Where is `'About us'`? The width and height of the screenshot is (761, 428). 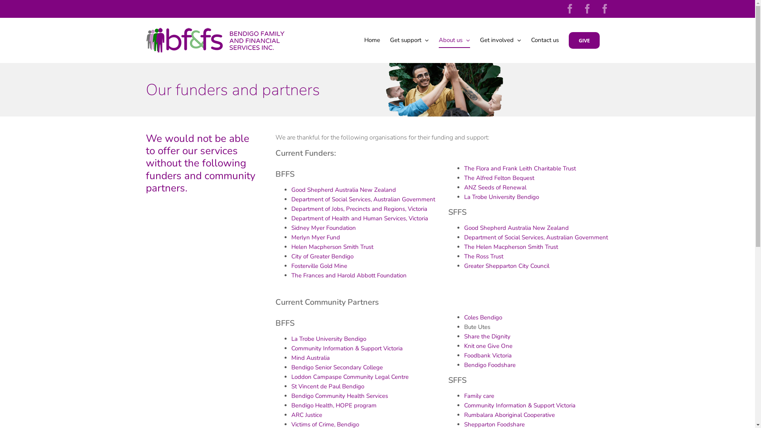
'About us' is located at coordinates (454, 40).